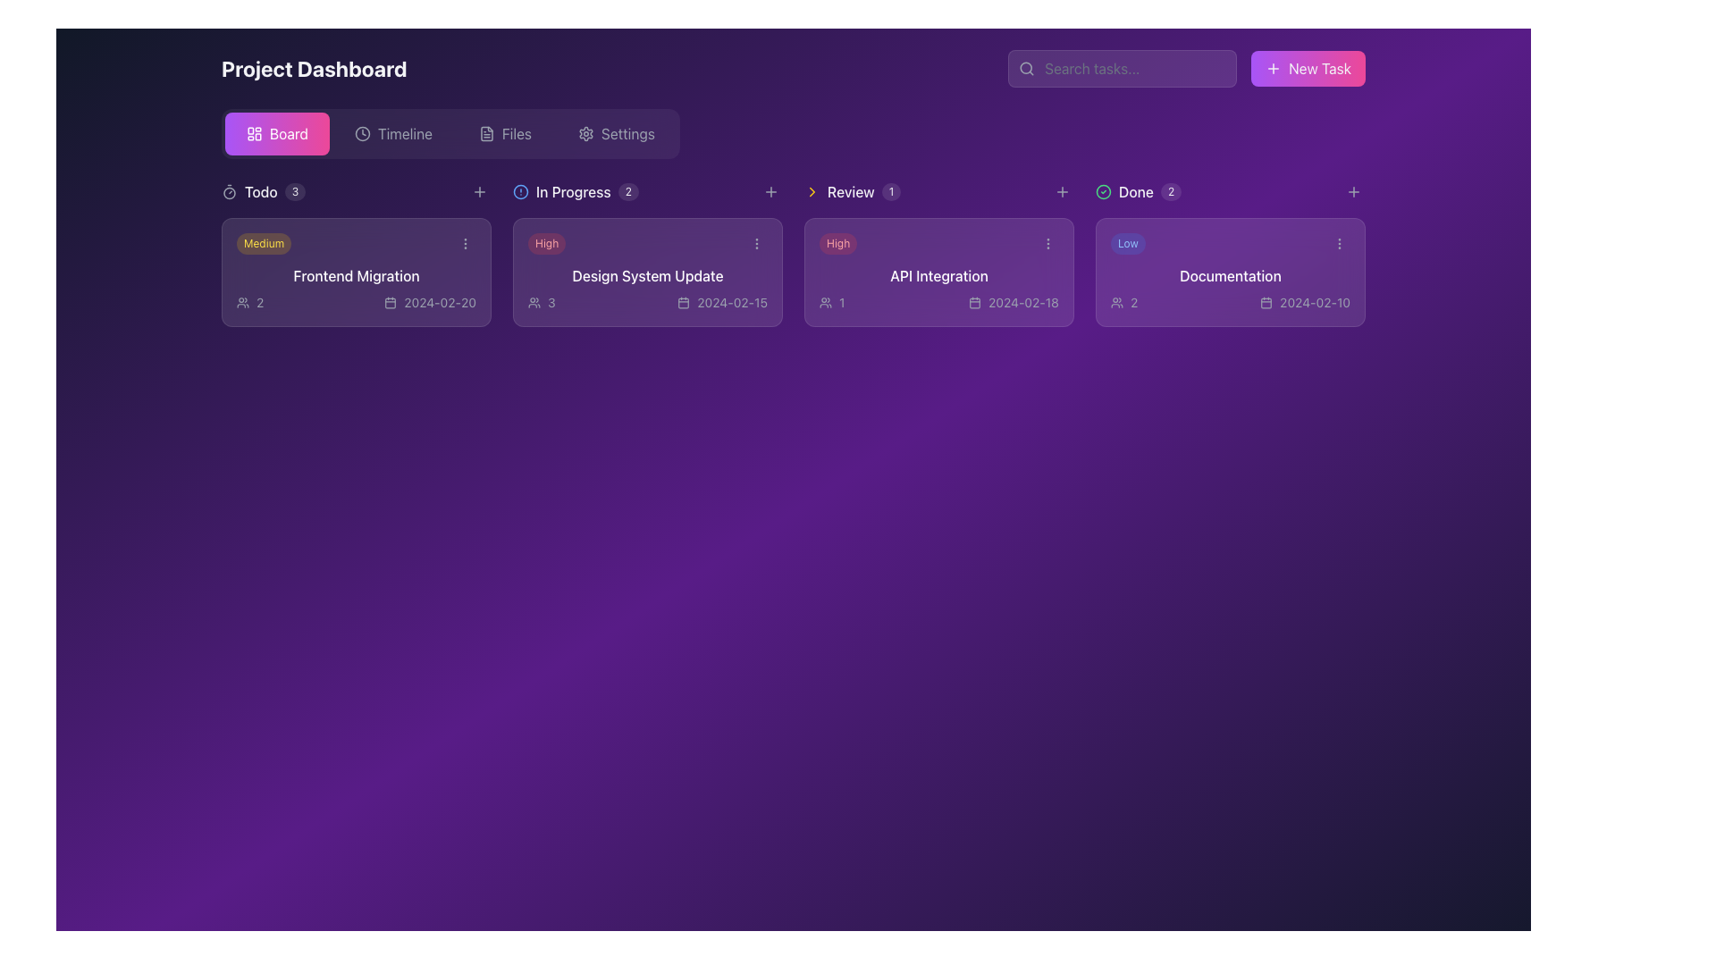 The image size is (1716, 965). I want to click on date displayed on the label with an accompanying icon indicating a deadline for the task 'Documentation' in the 'Done' column of the kanban board, so click(1305, 302).